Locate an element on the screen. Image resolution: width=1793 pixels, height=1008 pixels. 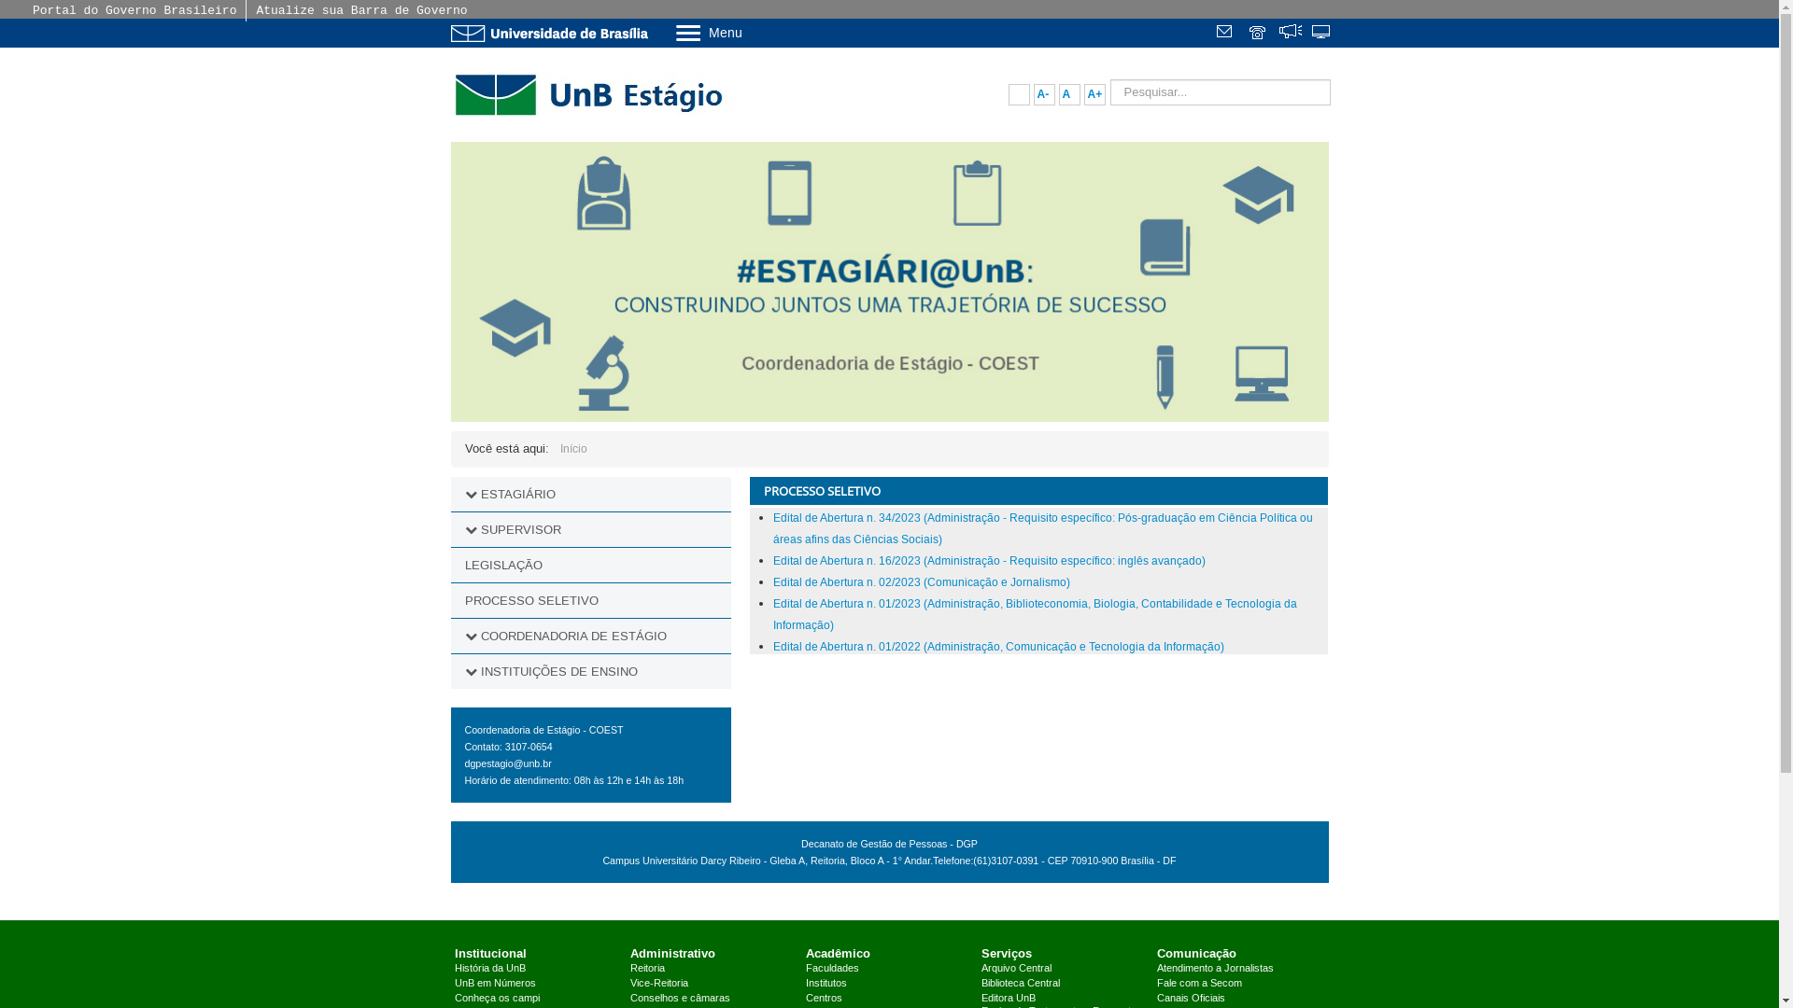
'Institutos' is located at coordinates (825, 982).